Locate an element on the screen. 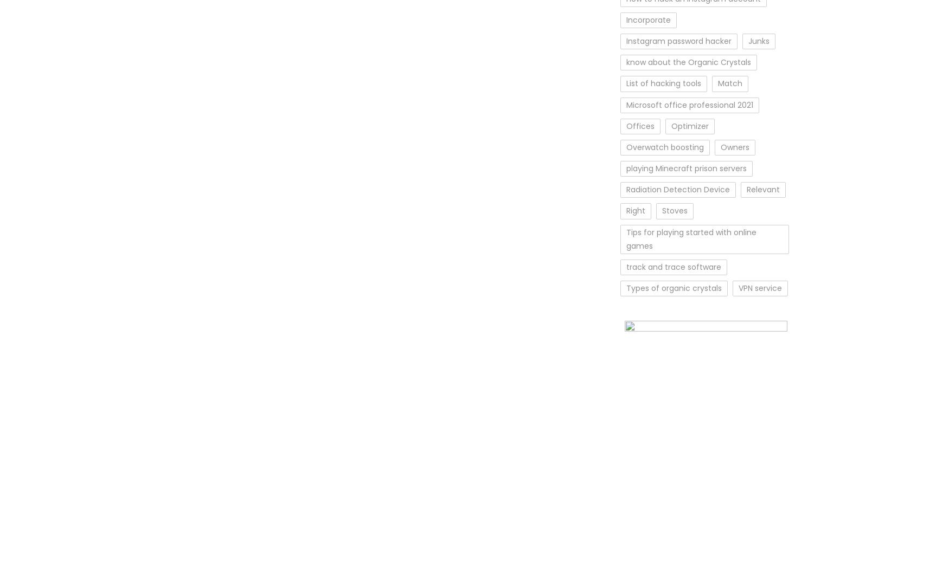 Image resolution: width=949 pixels, height=577 pixels. 'Right' is located at coordinates (635, 210).